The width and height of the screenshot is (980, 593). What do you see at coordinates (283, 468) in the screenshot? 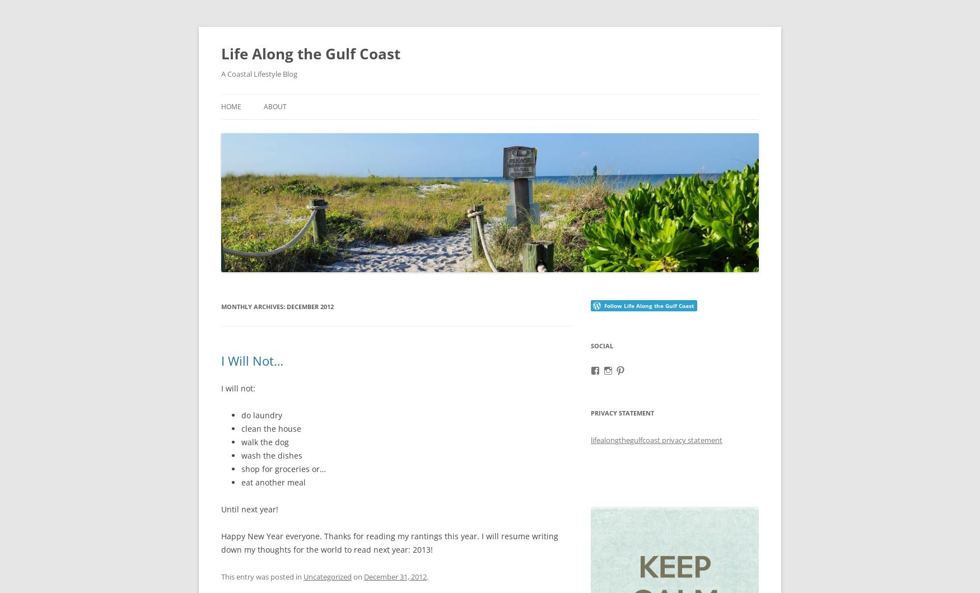
I see `'shop for groceries or…'` at bounding box center [283, 468].